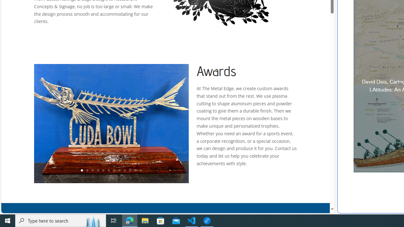 The width and height of the screenshot is (404, 227). Describe the element at coordinates (109, 171) in the screenshot. I see `'6'` at that location.